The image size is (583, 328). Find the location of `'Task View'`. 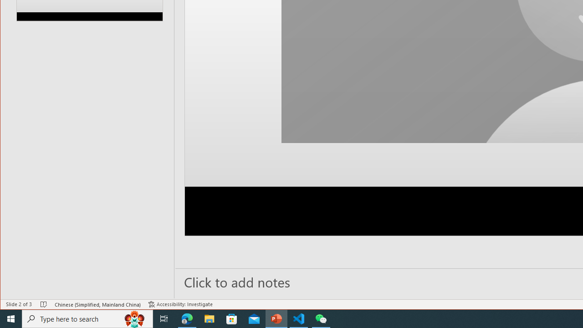

'Task View' is located at coordinates (164, 318).